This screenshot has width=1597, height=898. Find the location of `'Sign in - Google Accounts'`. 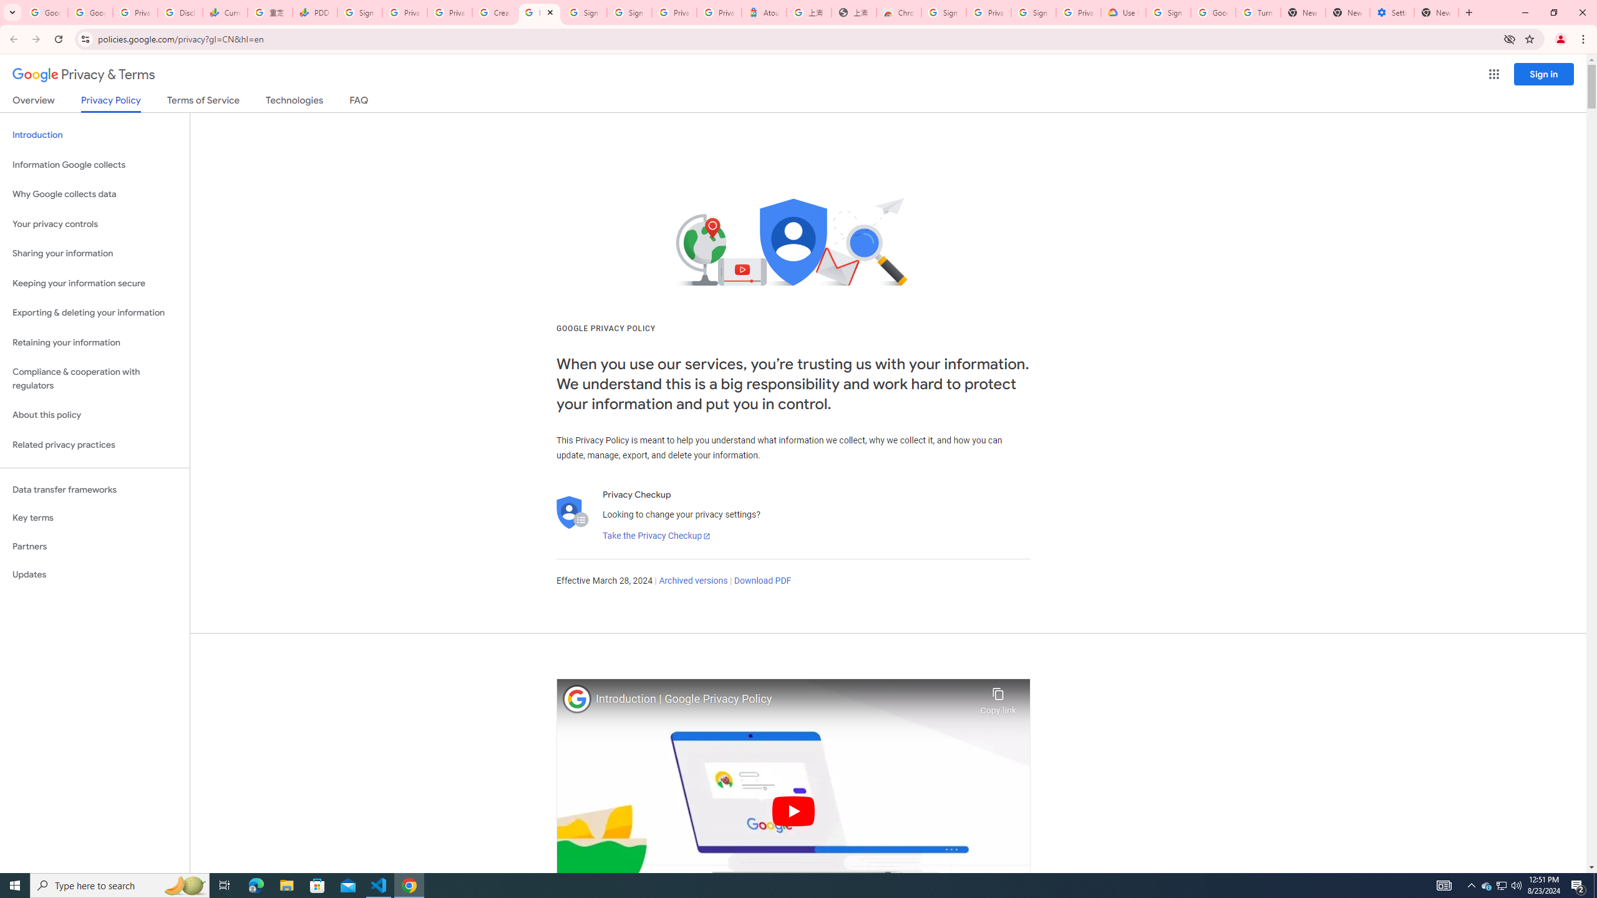

'Sign in - Google Accounts' is located at coordinates (629, 12).